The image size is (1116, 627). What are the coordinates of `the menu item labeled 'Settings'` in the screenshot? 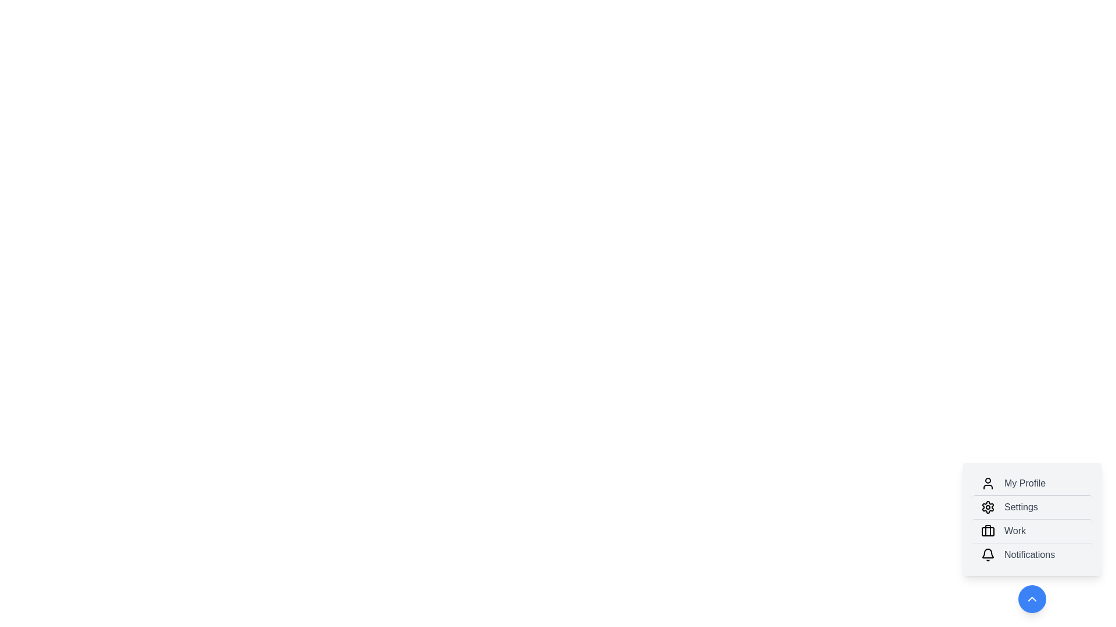 It's located at (1032, 506).